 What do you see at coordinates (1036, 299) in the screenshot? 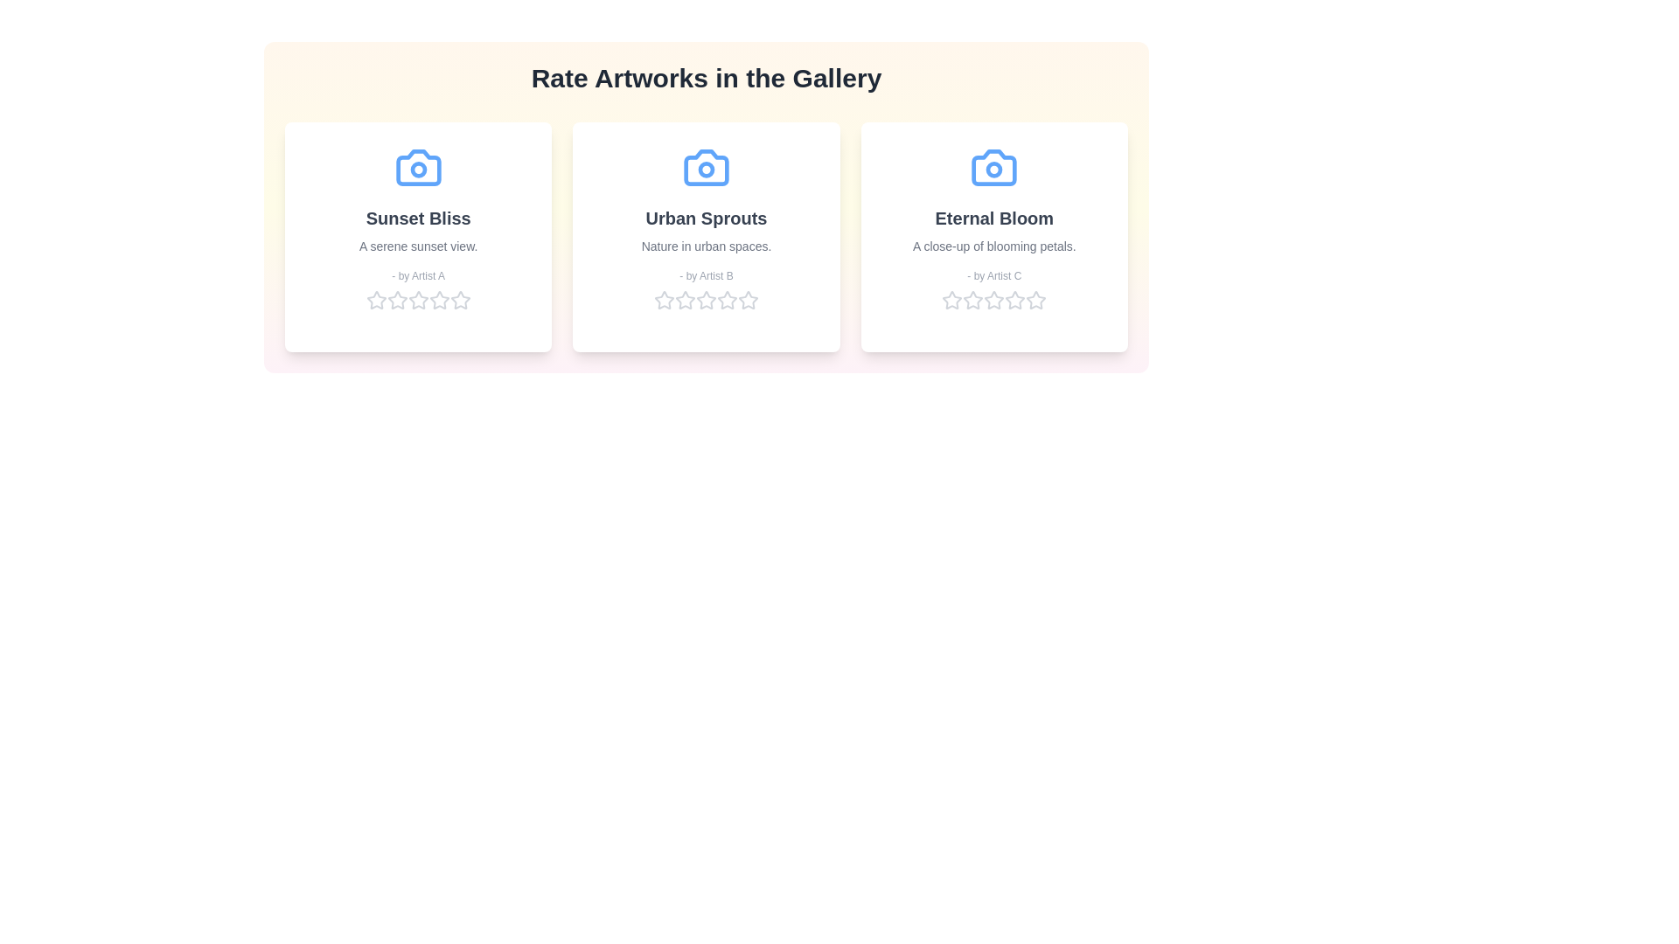
I see `the star corresponding to 5 for the artwork 'Eternal Bloom' to set its rating` at bounding box center [1036, 299].